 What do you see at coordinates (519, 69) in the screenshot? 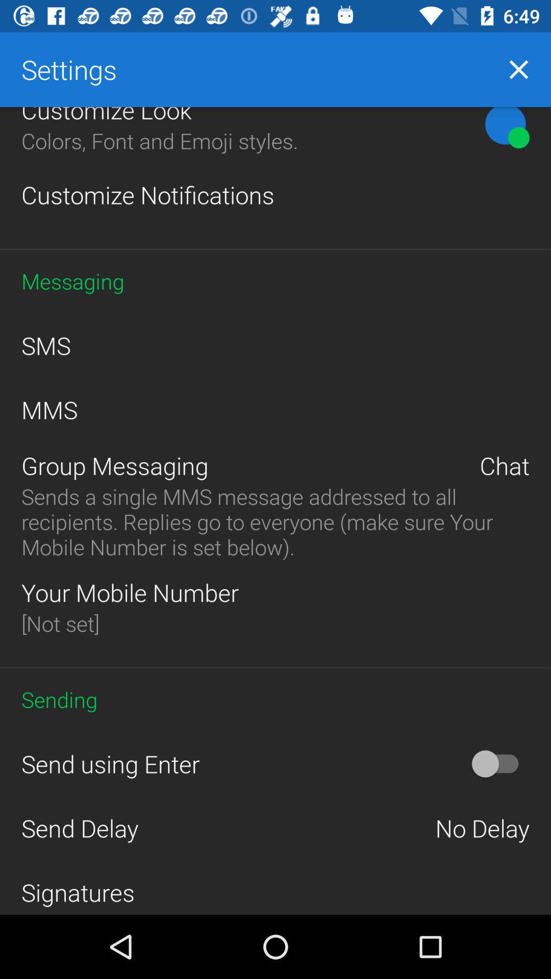
I see `the close icon` at bounding box center [519, 69].